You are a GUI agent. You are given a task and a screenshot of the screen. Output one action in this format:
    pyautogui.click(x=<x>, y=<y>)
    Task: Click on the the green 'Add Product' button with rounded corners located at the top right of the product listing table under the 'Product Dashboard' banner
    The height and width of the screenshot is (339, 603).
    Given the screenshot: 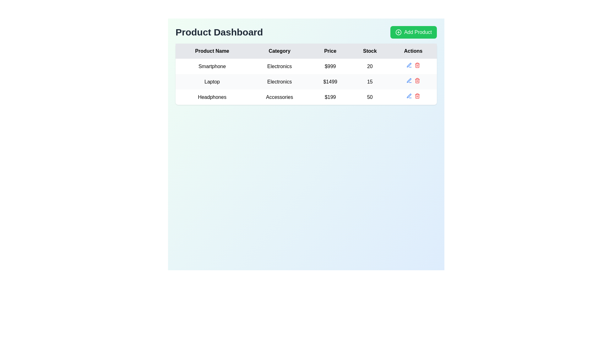 What is the action you would take?
    pyautogui.click(x=413, y=32)
    